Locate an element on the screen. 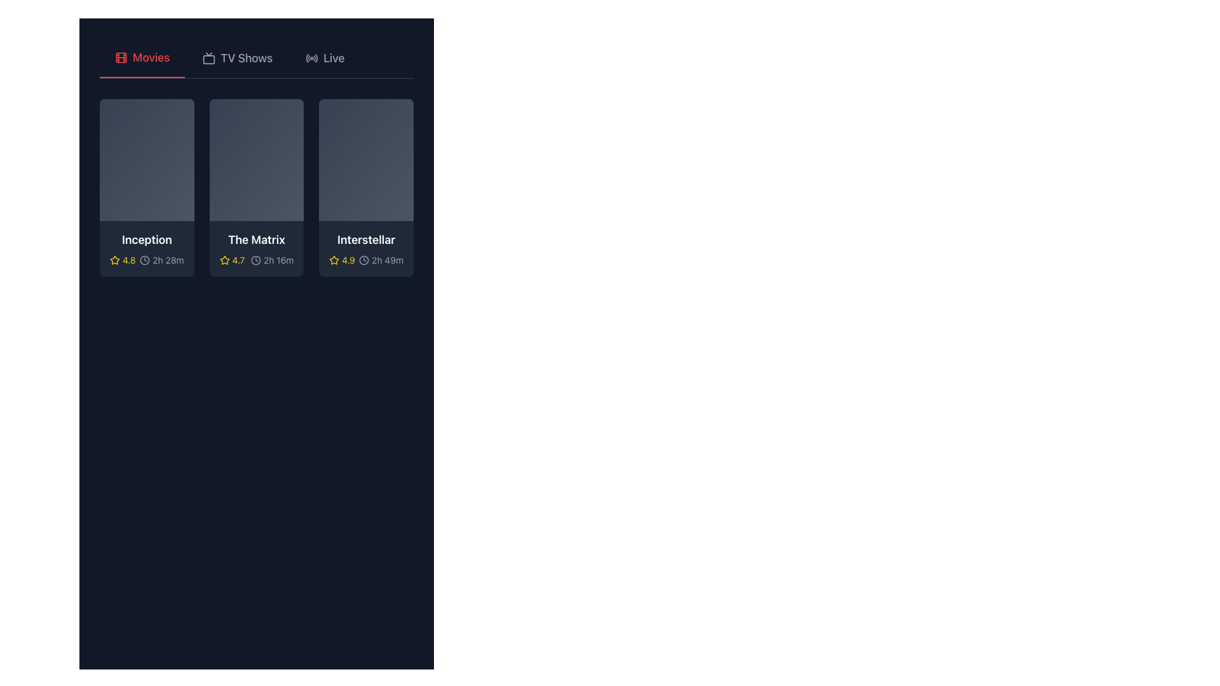 This screenshot has height=686, width=1220. the text label reading 'Inception' which is styled in white color, large font size, and bold formatting, located near the top of the first movie card is located at coordinates (147, 240).